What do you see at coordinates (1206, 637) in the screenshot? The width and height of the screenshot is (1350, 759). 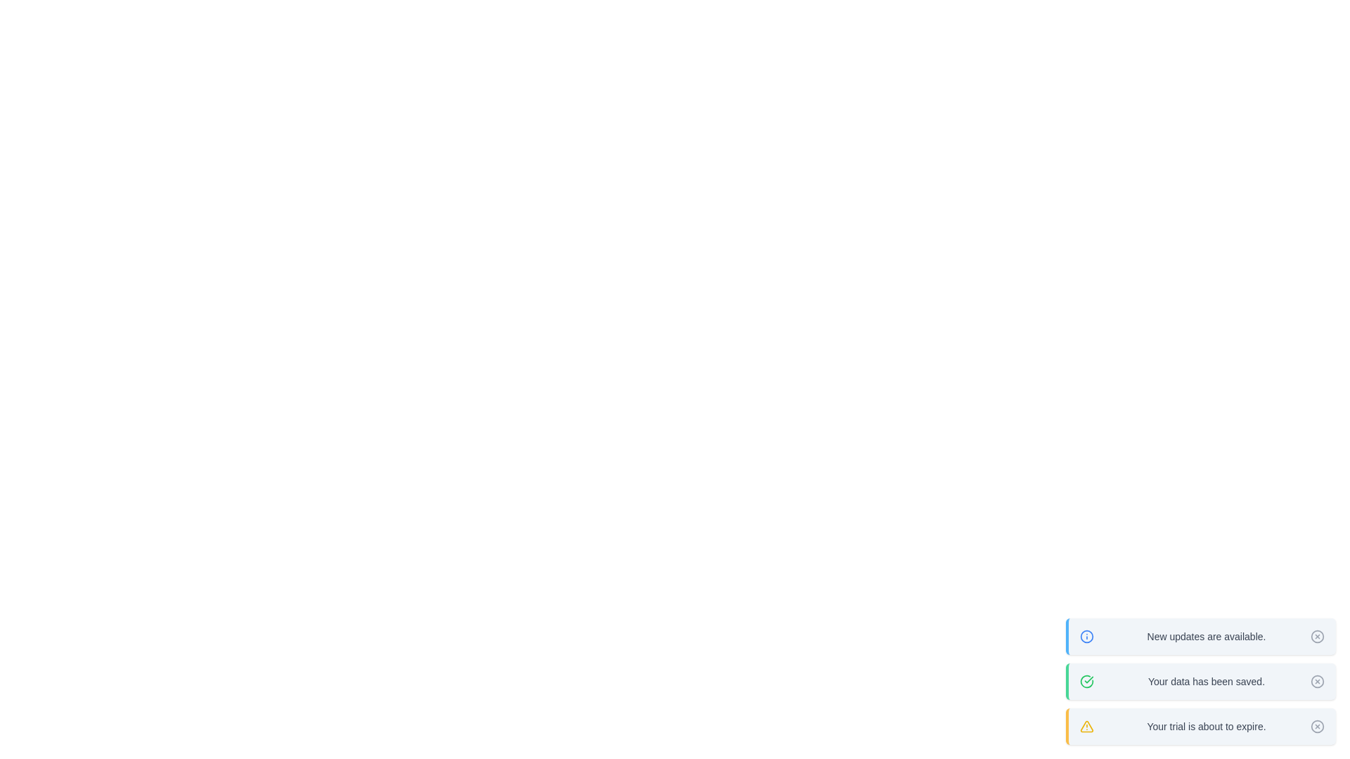 I see `the text displaying 'New updates are available.' which is styled in medium gray font and located centrally within the notification card at the top of the stack in the lower-right corner of the interface` at bounding box center [1206, 637].